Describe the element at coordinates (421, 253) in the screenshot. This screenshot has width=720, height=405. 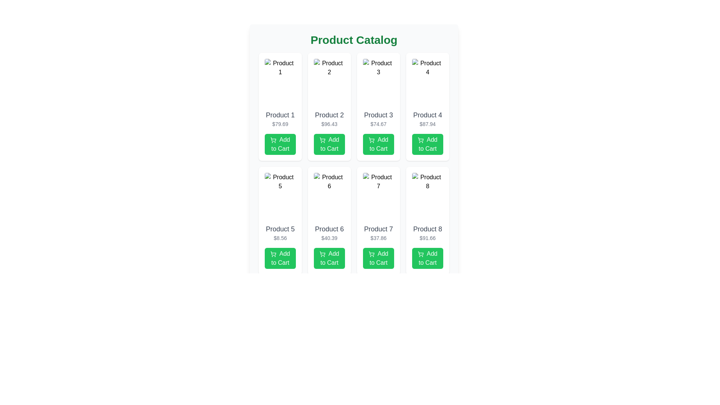
I see `the 'Add to Cart' button that contains the shopping cart icon, which is located at the bottom of the 'Product 8' card` at that location.